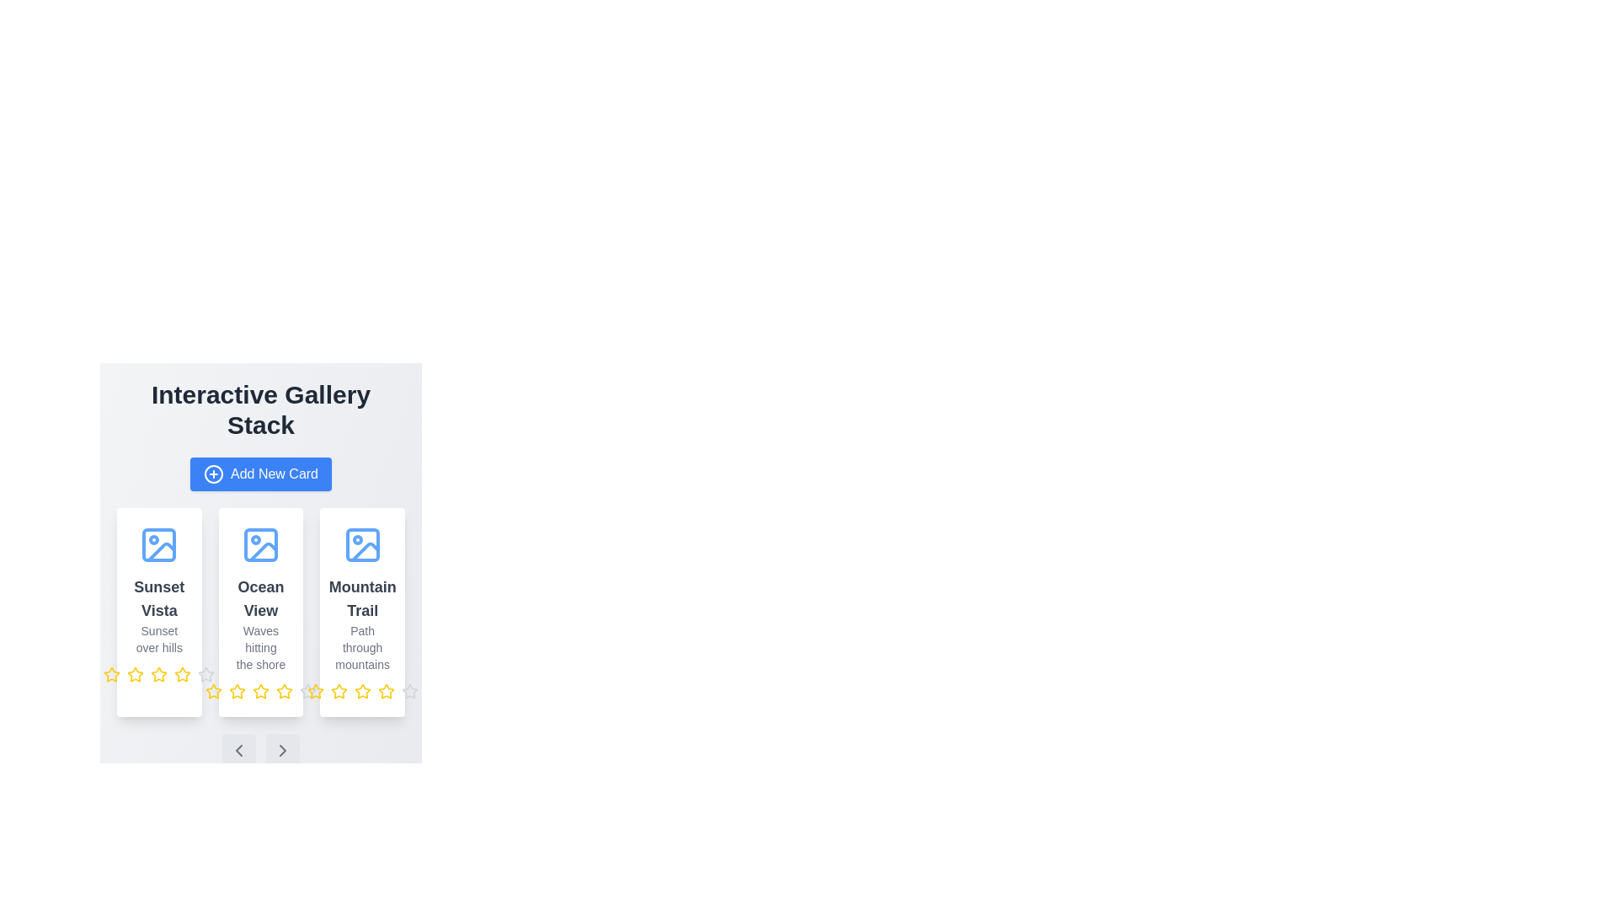 This screenshot has height=910, width=1617. Describe the element at coordinates (159, 612) in the screenshot. I see `the card element displaying information about 'Sunset Vista', which is the first card in a grid of cards` at that location.